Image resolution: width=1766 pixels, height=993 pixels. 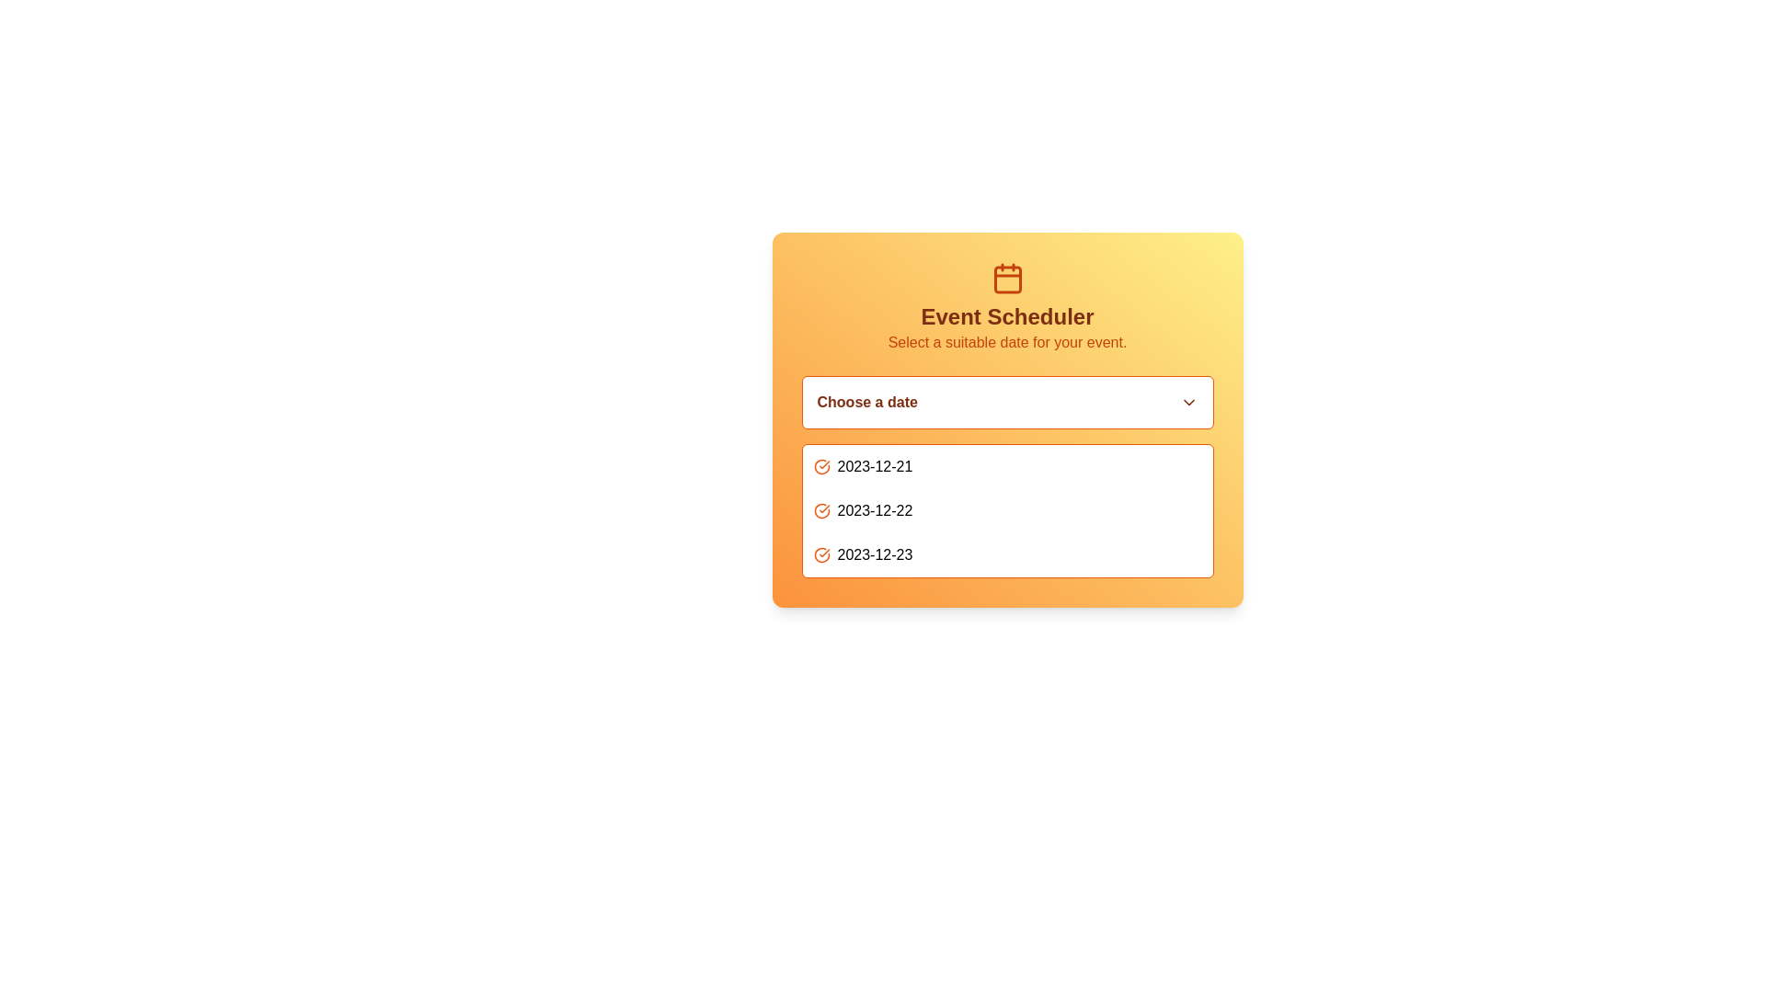 What do you see at coordinates (1006, 279) in the screenshot?
I see `the vivid orange calendar icon located at the top center of the panel, above the 'Event Scheduler' heading` at bounding box center [1006, 279].